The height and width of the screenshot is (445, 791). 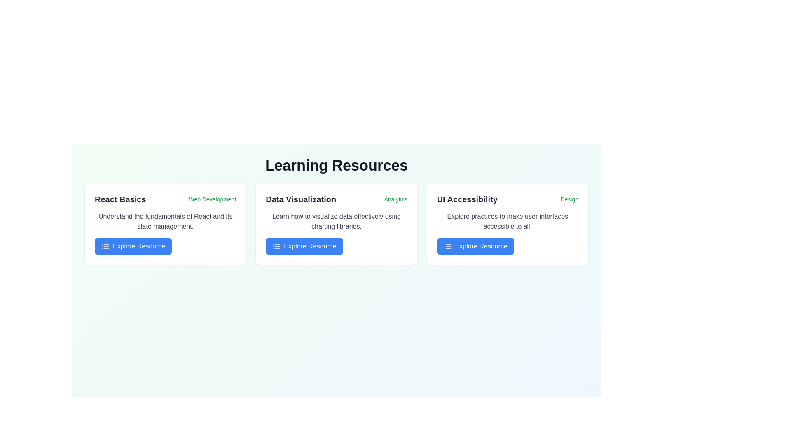 I want to click on text contained in the informational card titled 'React Basics' with the subtitle 'Web Development' and a button labeled 'Explore Resource', so click(x=165, y=224).